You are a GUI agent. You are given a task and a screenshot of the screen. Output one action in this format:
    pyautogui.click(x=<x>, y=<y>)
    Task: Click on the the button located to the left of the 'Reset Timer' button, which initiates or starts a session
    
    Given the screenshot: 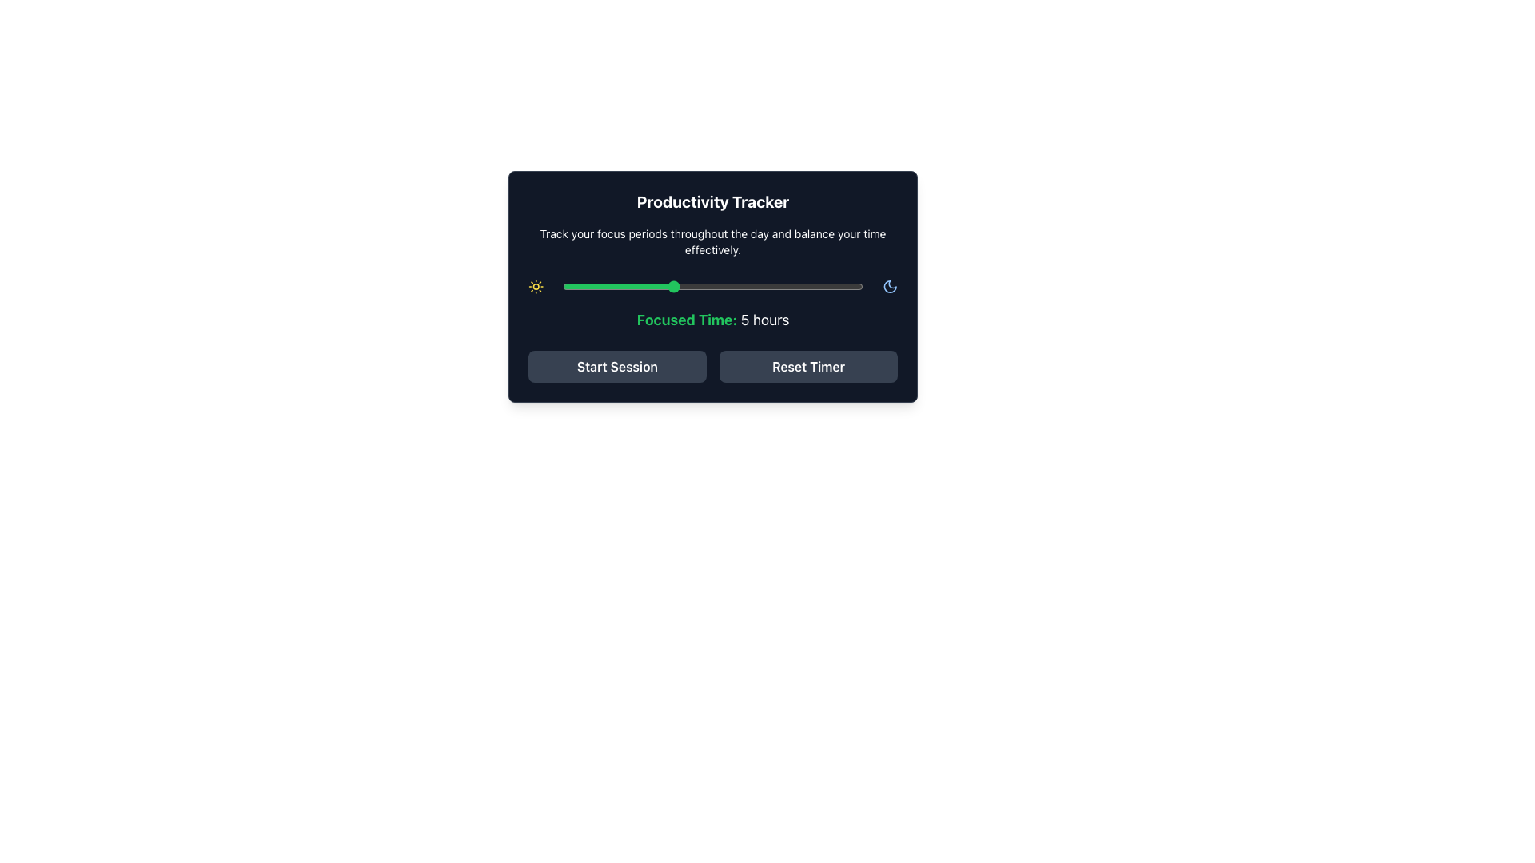 What is the action you would take?
    pyautogui.click(x=616, y=367)
    